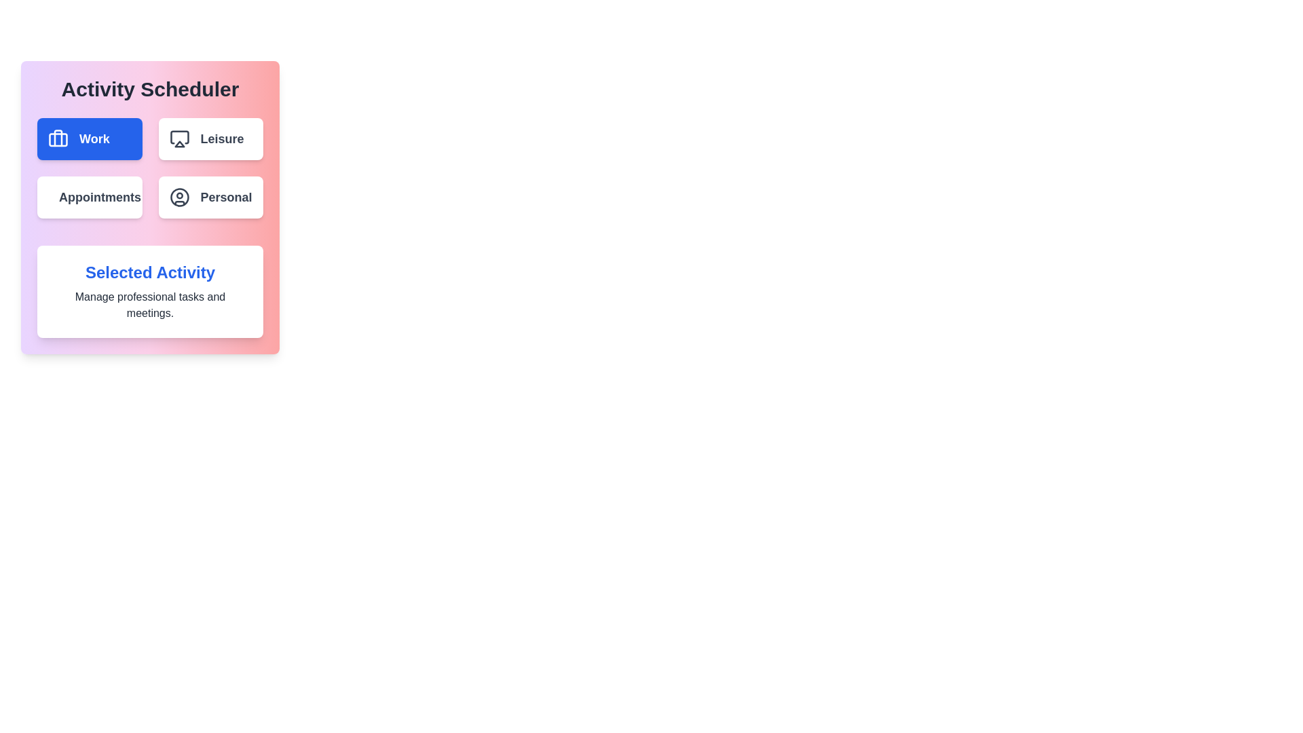 Image resolution: width=1303 pixels, height=733 pixels. Describe the element at coordinates (178, 138) in the screenshot. I see `the 'Leisure' activity icon located within the button in the second column, first row of the grid under 'Activity Scheduler'` at that location.